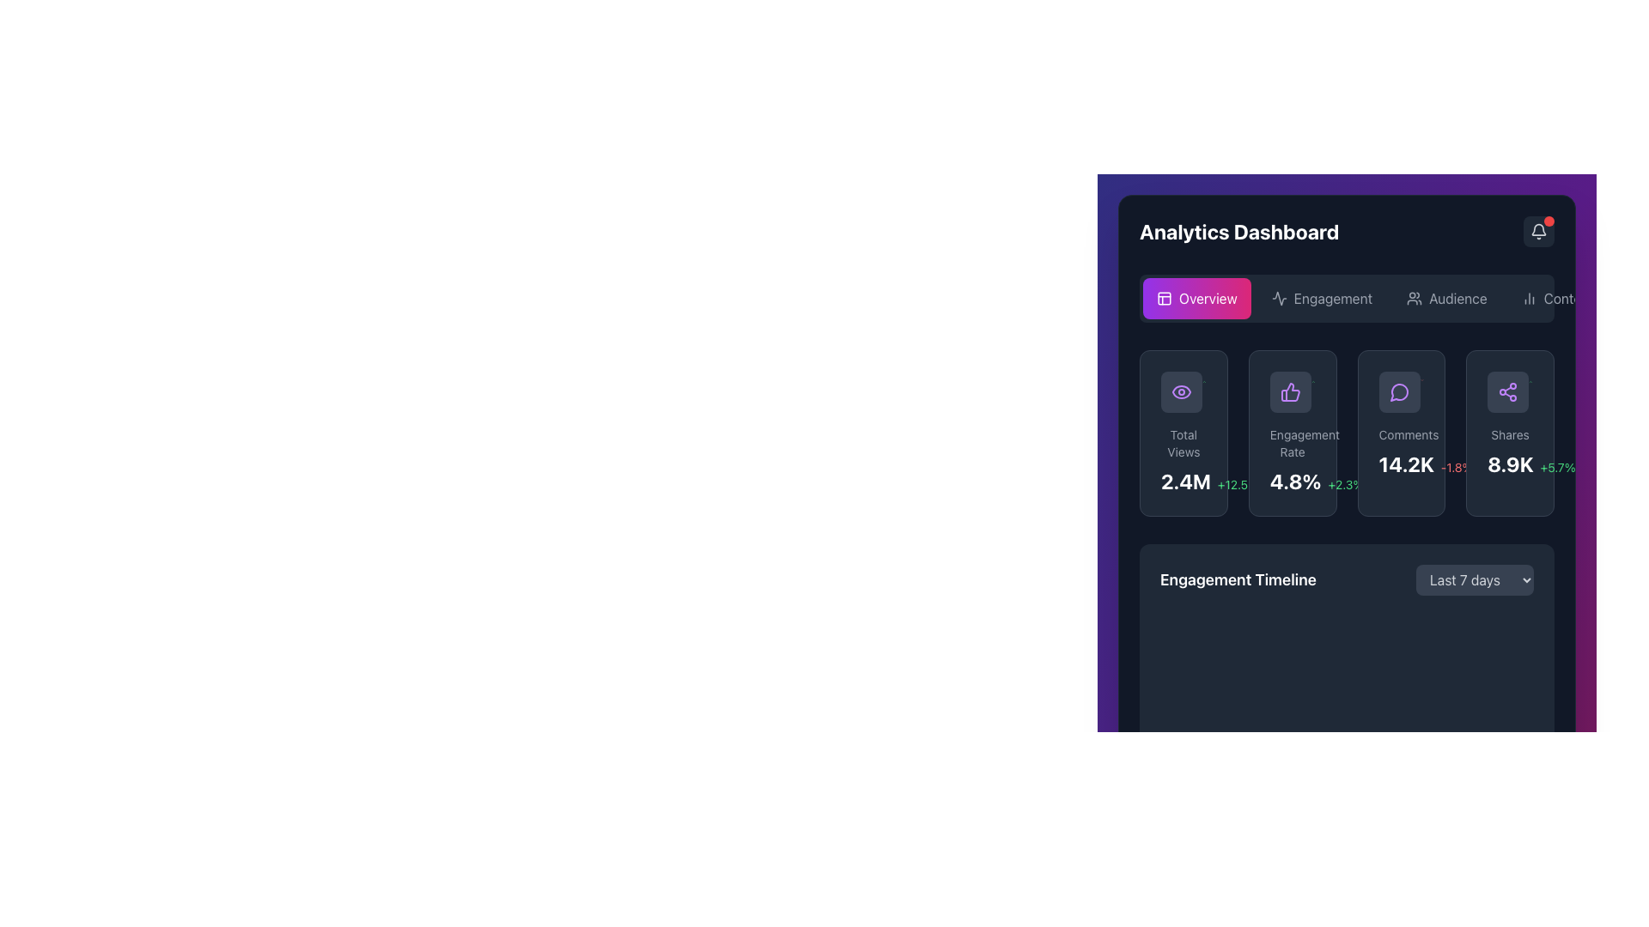 The image size is (1649, 927). Describe the element at coordinates (1557, 297) in the screenshot. I see `the fourth button in the horizontal navigation bar on the top-right of the analytics dashboard` at that location.